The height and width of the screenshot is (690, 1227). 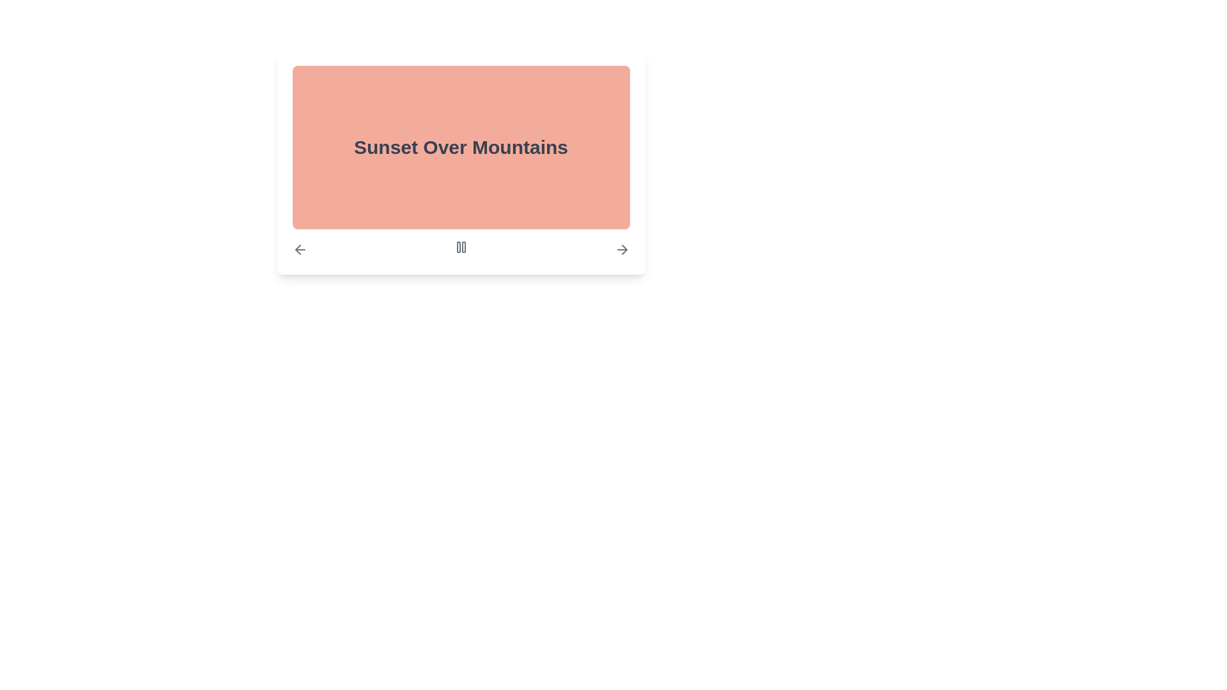 I want to click on the navigation arrow button located on the leftmost side of the grouping beneath the 'Sunset Over Mountains' panel, so click(x=299, y=249).